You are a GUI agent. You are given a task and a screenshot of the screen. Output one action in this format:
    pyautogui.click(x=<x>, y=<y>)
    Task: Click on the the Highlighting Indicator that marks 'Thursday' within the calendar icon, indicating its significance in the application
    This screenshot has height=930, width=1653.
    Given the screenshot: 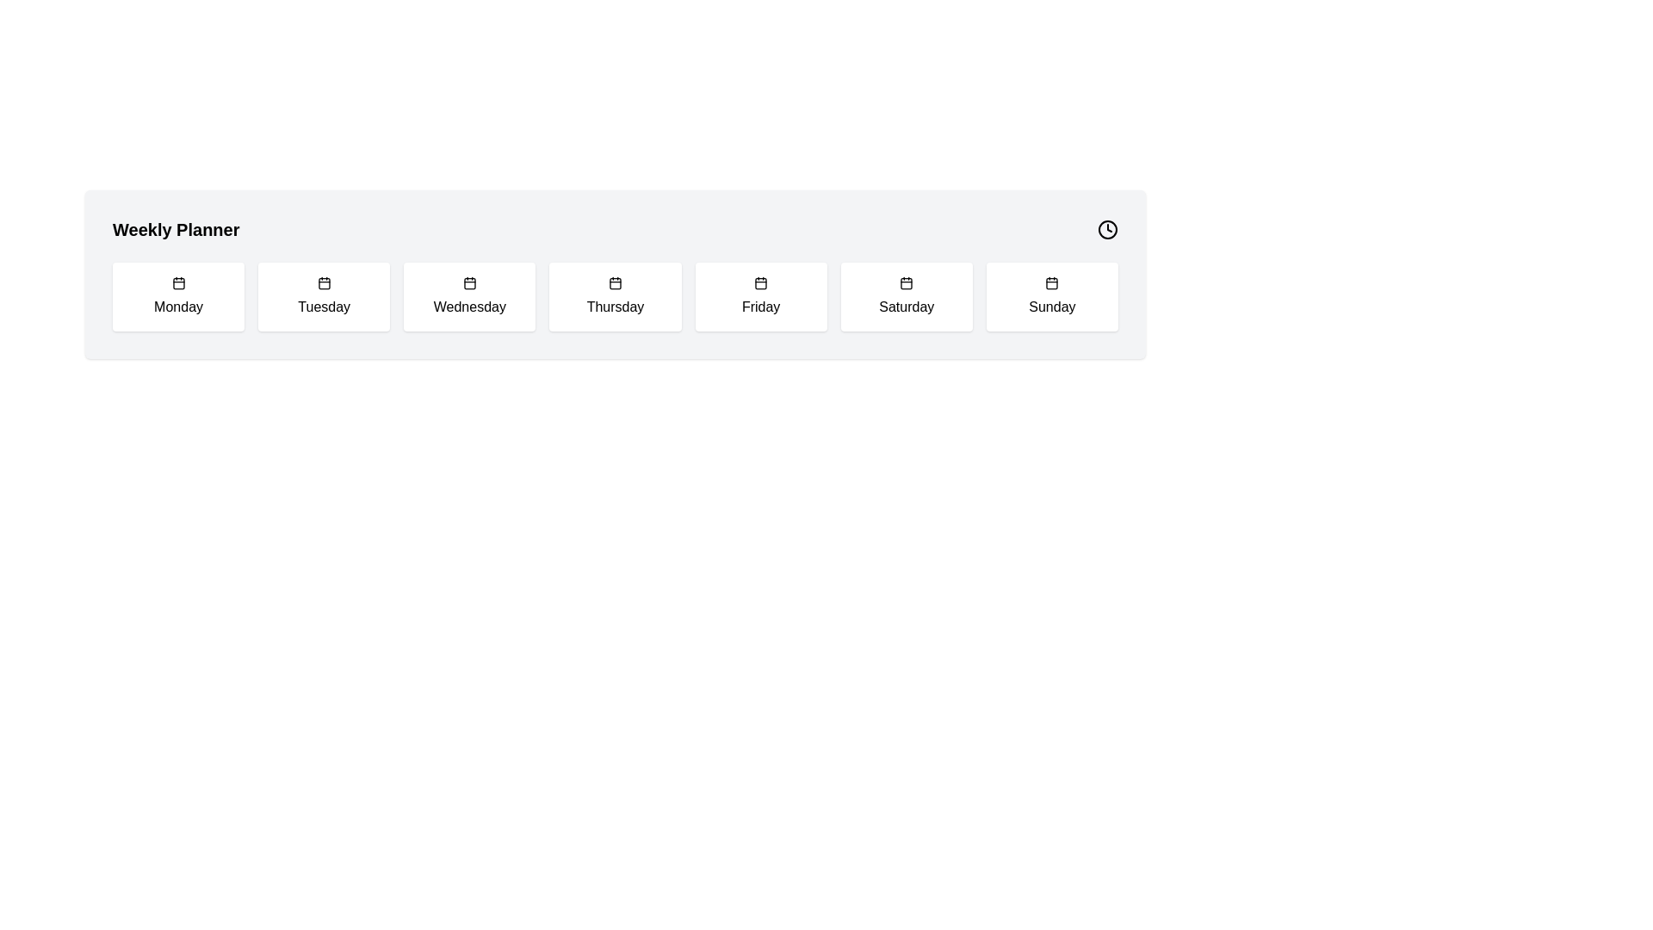 What is the action you would take?
    pyautogui.click(x=616, y=282)
    